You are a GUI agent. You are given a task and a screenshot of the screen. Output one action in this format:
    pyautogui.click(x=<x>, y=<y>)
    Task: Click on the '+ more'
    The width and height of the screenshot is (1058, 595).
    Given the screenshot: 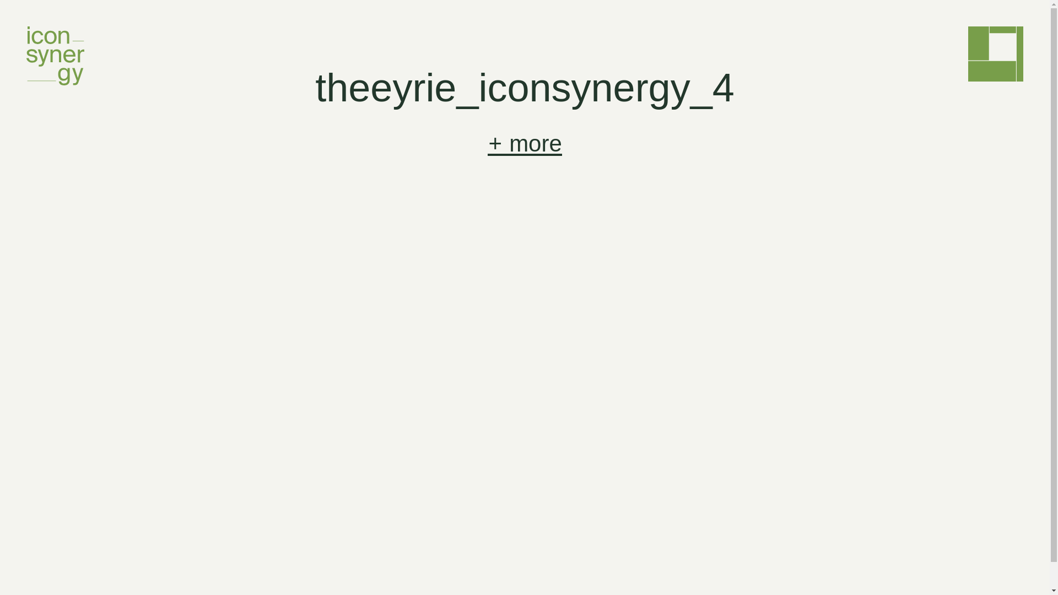 What is the action you would take?
    pyautogui.click(x=524, y=143)
    